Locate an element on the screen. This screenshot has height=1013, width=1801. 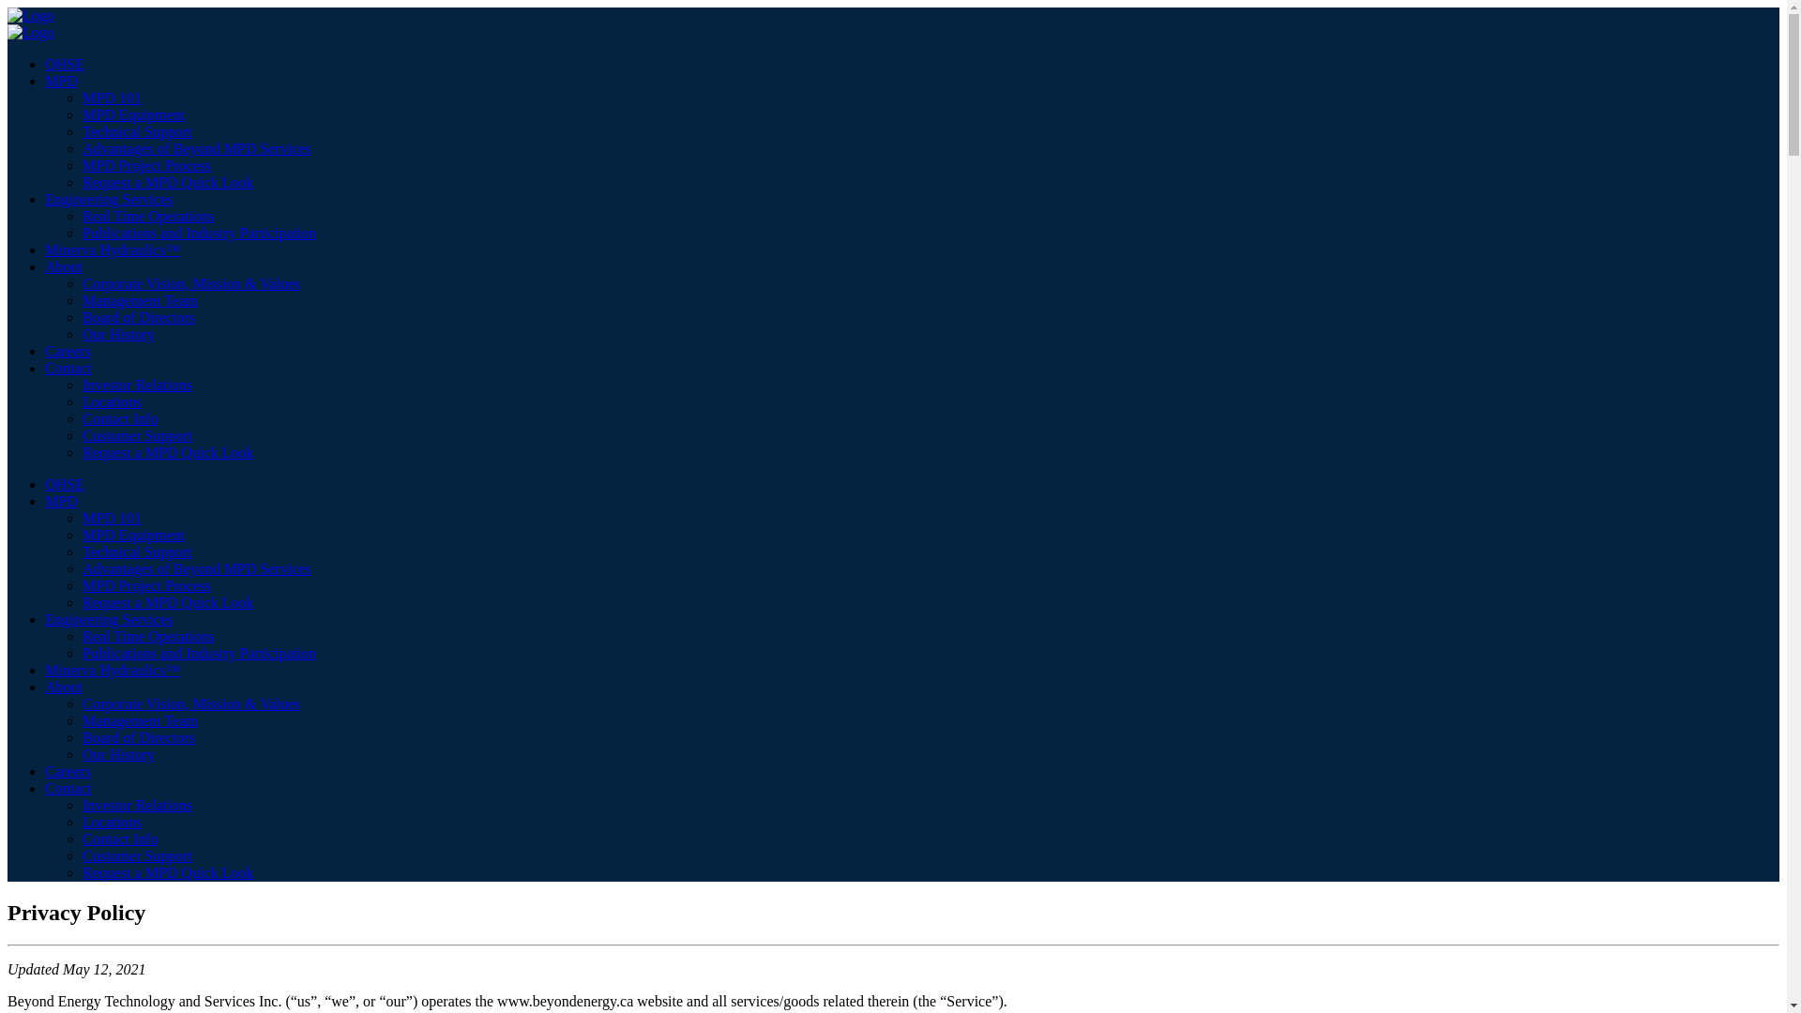
'Advantages of Beyond MPD Services' is located at coordinates (197, 147).